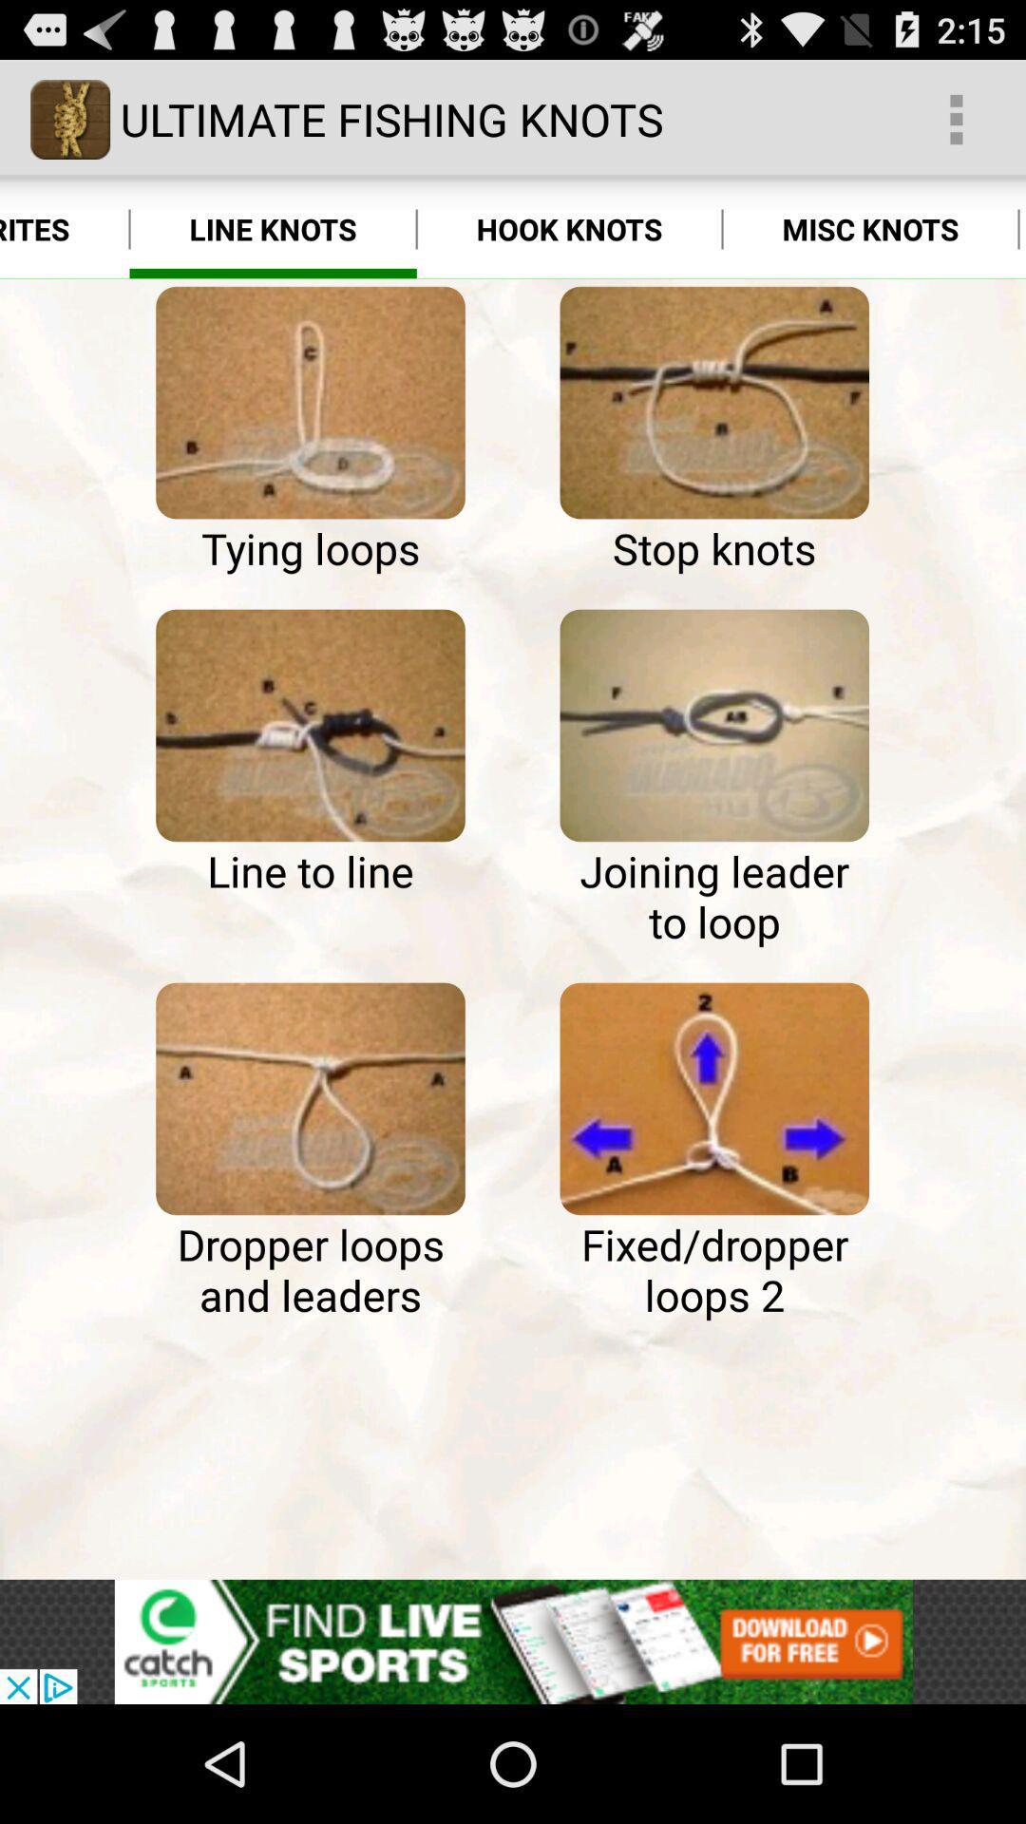 This screenshot has width=1026, height=1824. Describe the element at coordinates (714, 1098) in the screenshot. I see `fixed/dropper loops 2` at that location.